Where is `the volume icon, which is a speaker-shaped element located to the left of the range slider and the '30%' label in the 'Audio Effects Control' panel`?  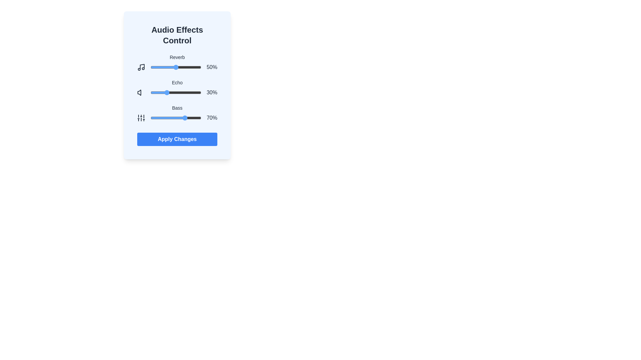
the volume icon, which is a speaker-shaped element located to the left of the range slider and the '30%' label in the 'Audio Effects Control' panel is located at coordinates (141, 92).